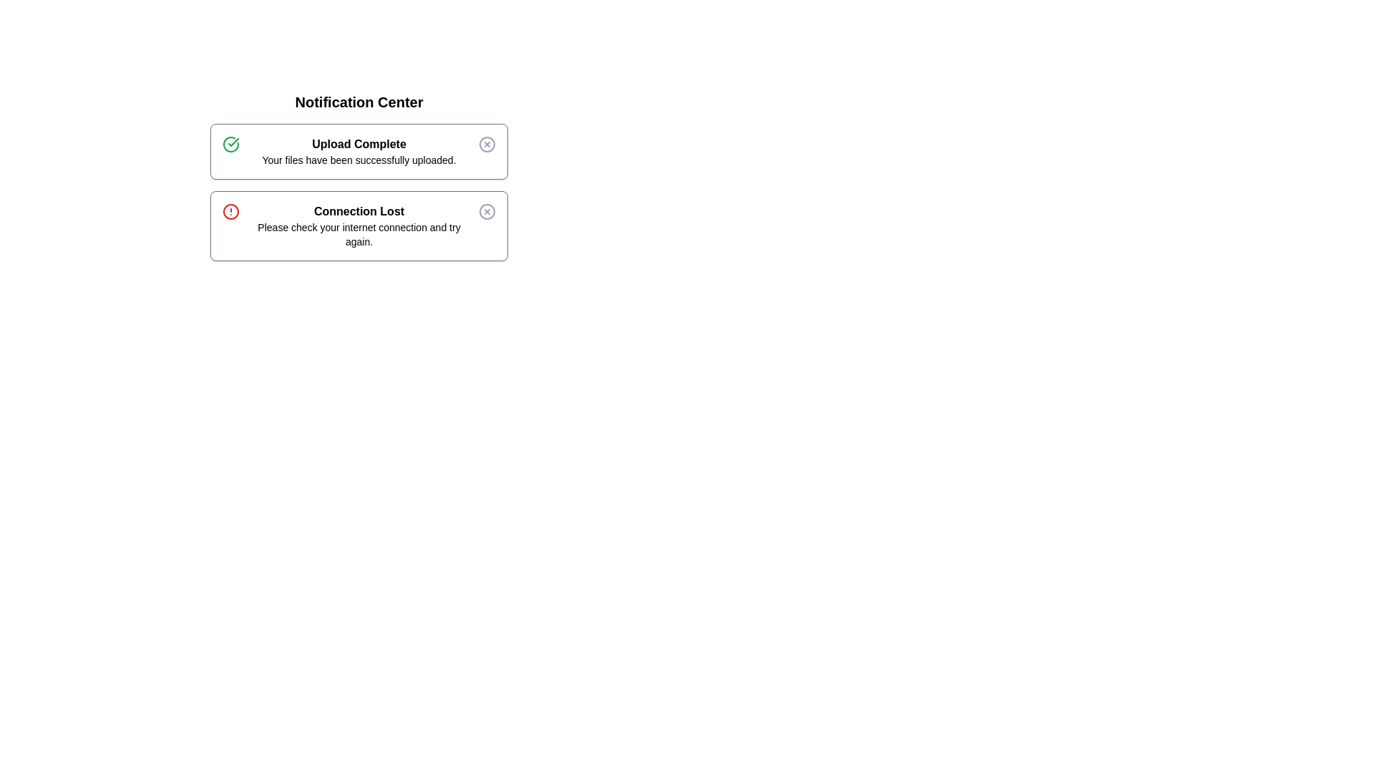 The width and height of the screenshot is (1374, 773). Describe the element at coordinates (359, 152) in the screenshot. I see `the text of the alert titled 'Upload Complete'` at that location.